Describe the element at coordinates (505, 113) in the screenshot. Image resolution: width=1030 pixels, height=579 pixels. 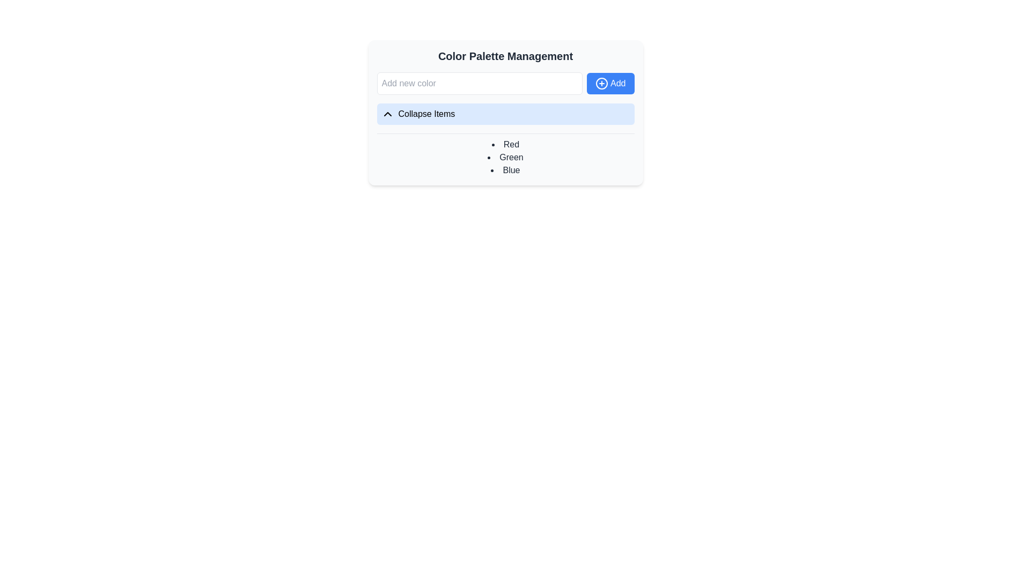
I see `the toggle button located within the 'Color Palette Management' card` at that location.